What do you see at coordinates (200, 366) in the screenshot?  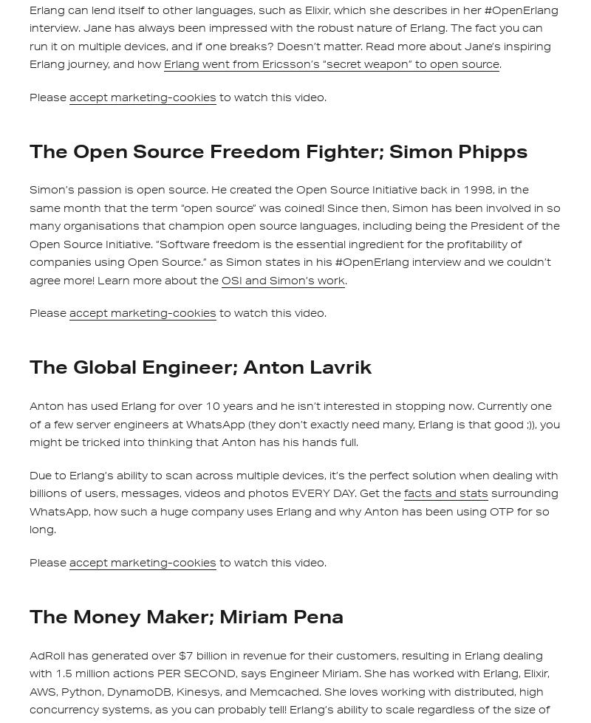 I see `'The Global Engineer; Anton Lavrik'` at bounding box center [200, 366].